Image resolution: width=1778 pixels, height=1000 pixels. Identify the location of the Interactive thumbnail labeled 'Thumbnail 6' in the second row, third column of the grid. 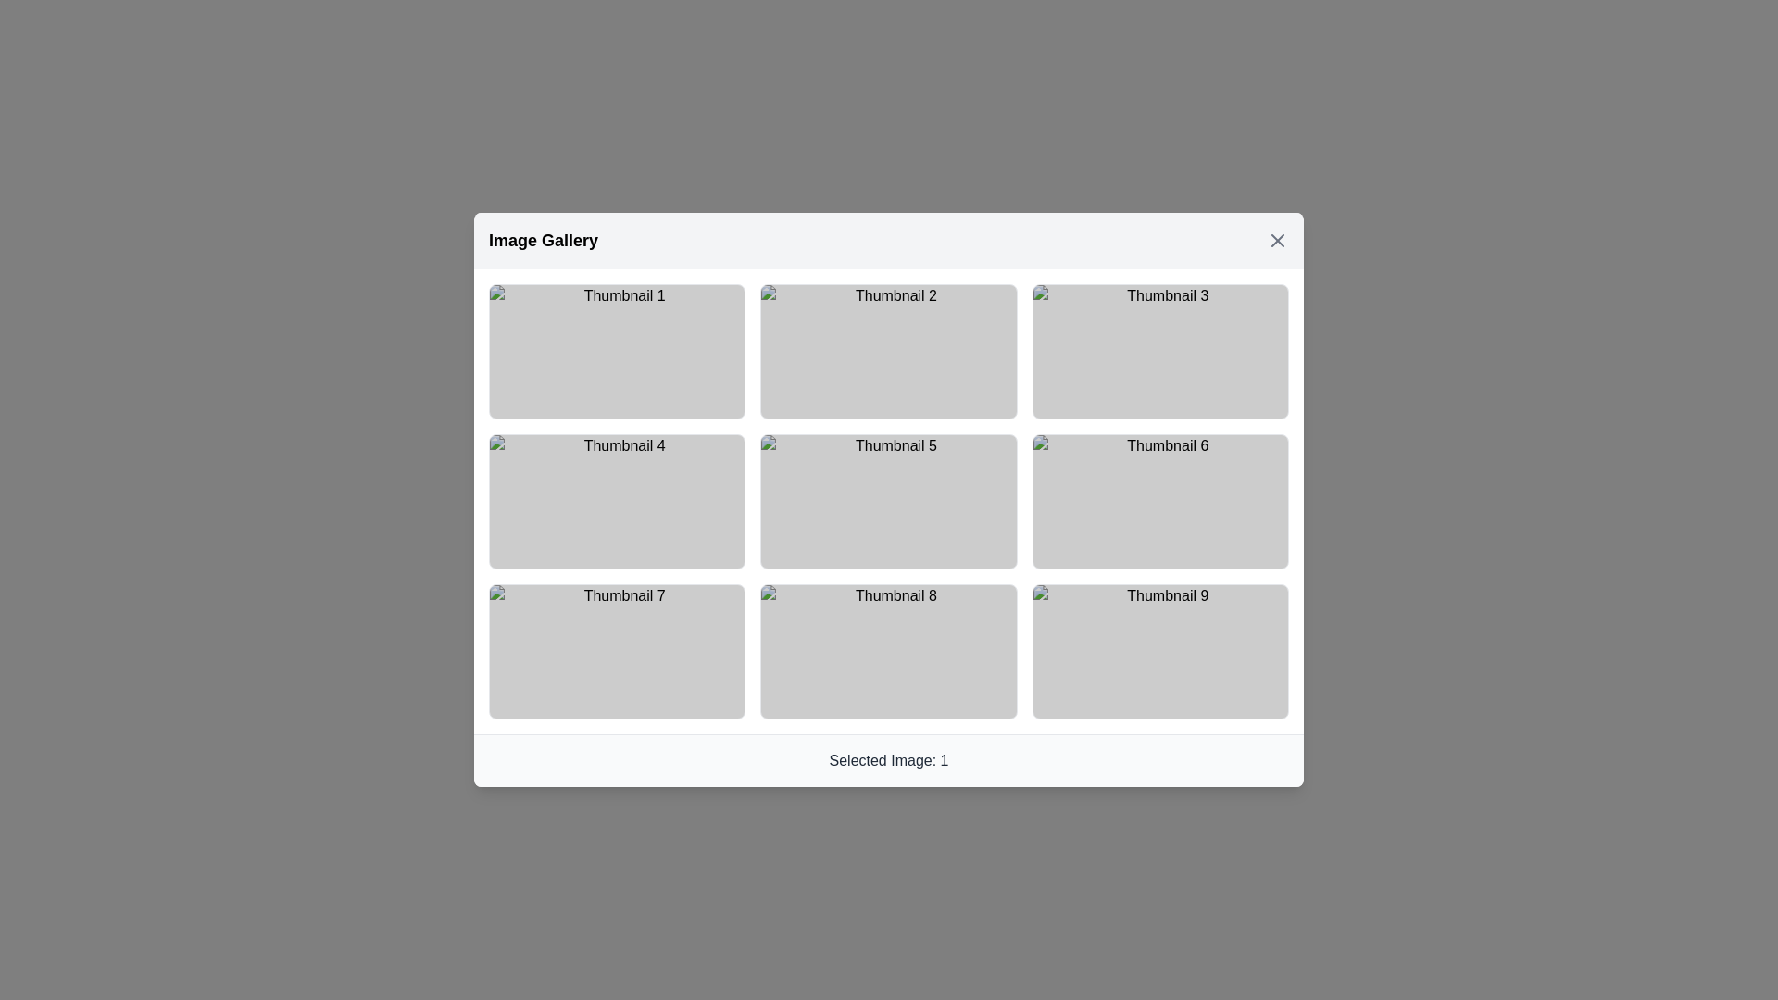
(1159, 502).